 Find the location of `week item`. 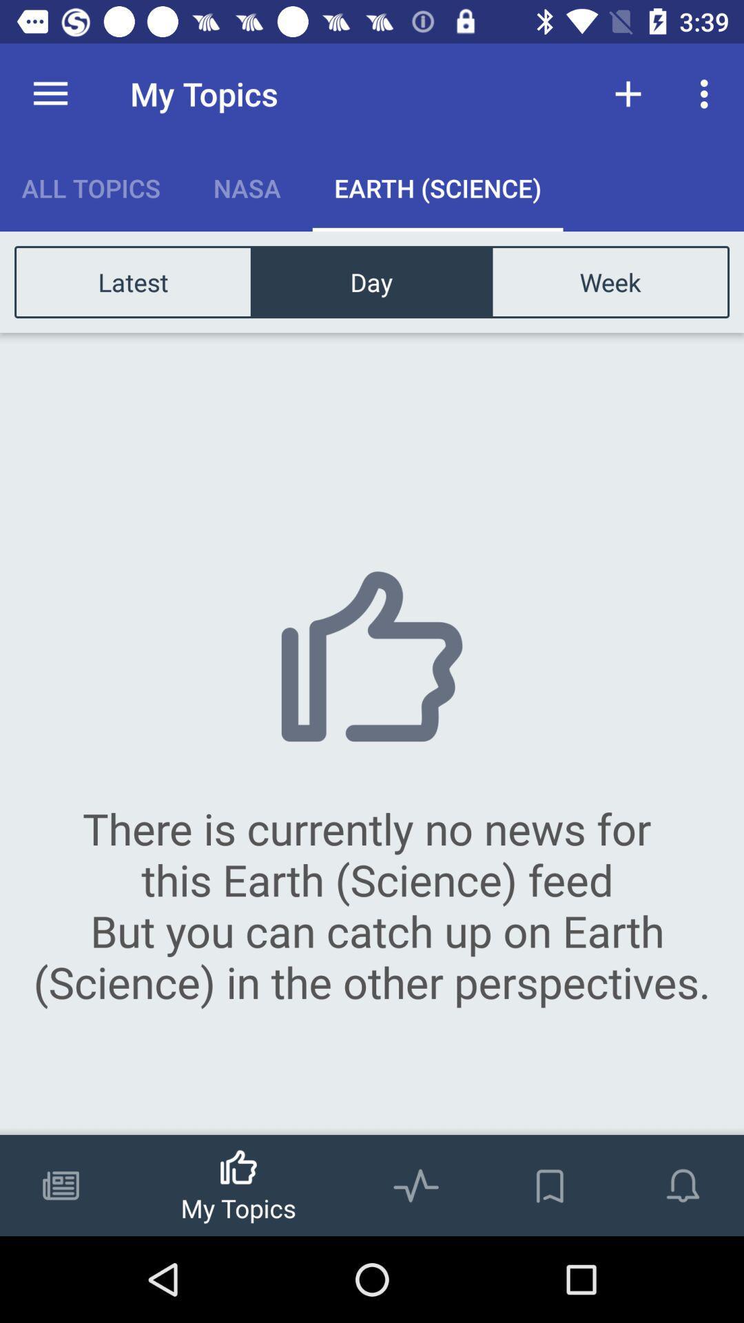

week item is located at coordinates (609, 281).